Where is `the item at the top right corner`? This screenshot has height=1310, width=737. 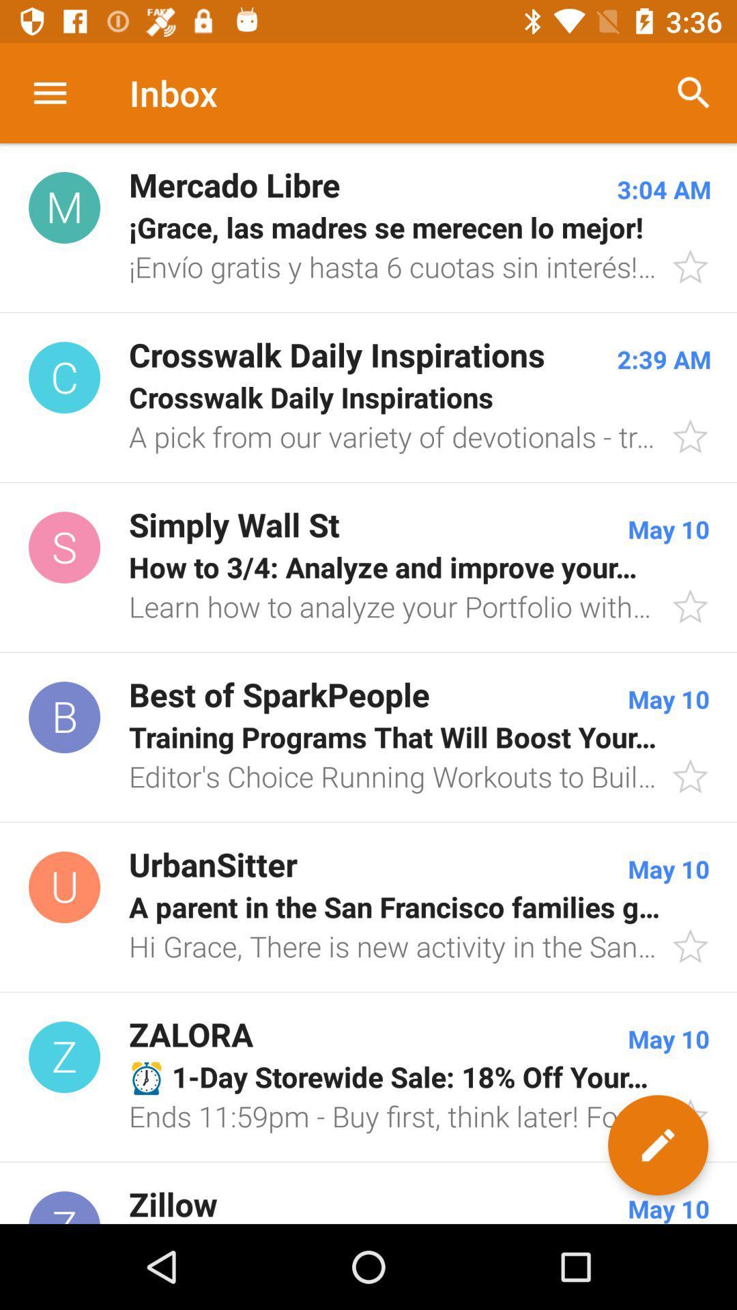 the item at the top right corner is located at coordinates (694, 92).